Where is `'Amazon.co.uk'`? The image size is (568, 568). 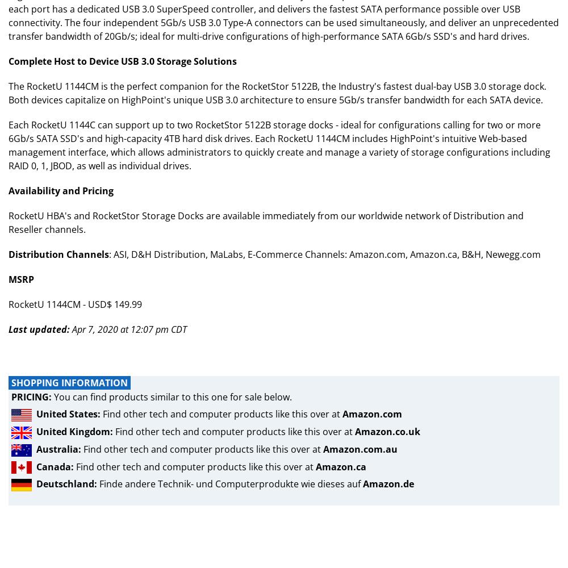
'Amazon.co.uk' is located at coordinates (355, 432).